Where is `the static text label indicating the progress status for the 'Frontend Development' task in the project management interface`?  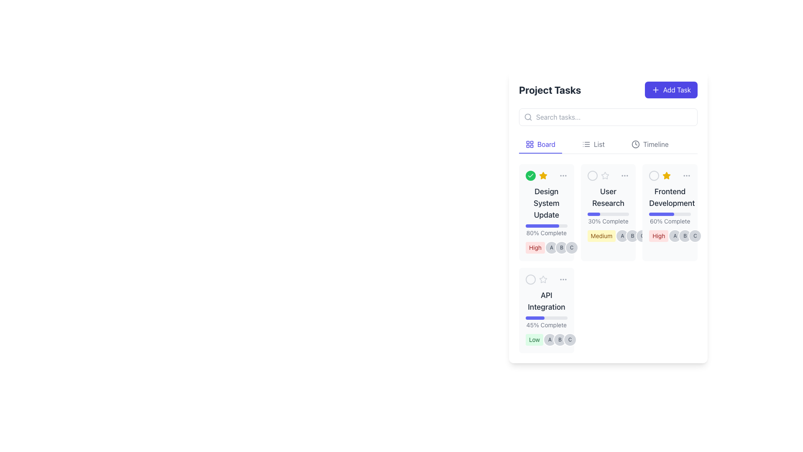
the static text label indicating the progress status for the 'Frontend Development' task in the project management interface is located at coordinates (670, 221).